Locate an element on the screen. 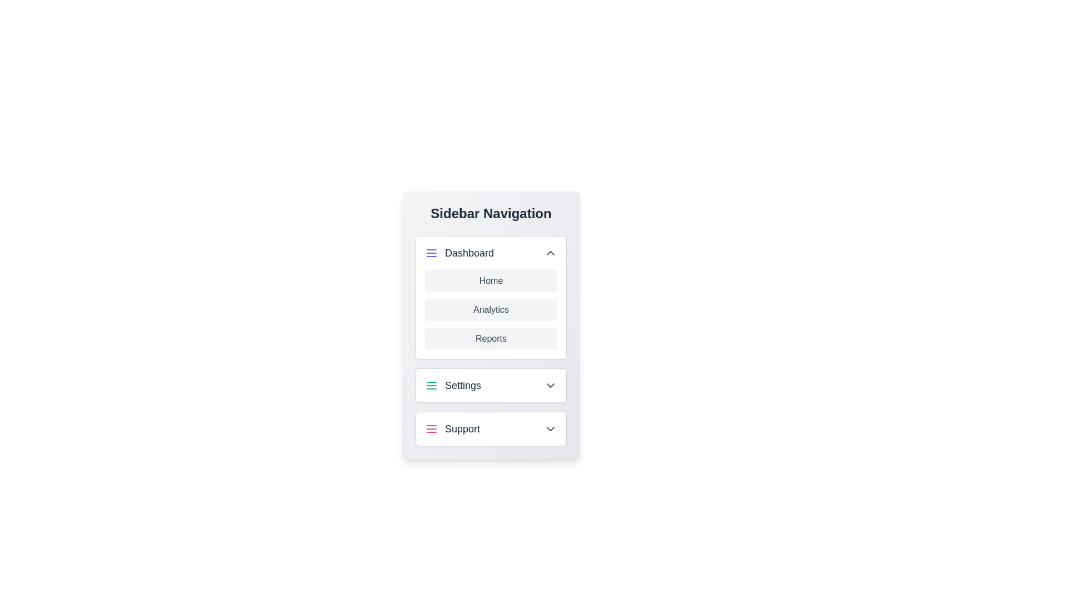  the downward-pointing chevron icon in the sidebar navigation menu associated with the 'Support' entry is located at coordinates (550, 428).